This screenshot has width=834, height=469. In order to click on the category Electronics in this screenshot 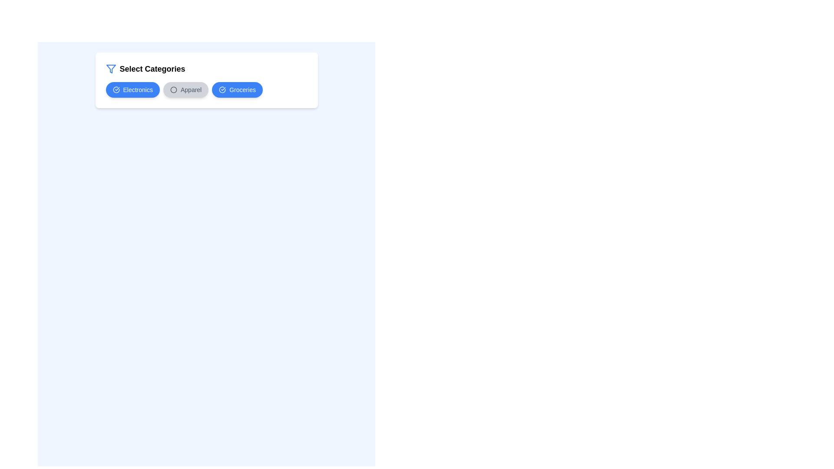, I will do `click(132, 90)`.